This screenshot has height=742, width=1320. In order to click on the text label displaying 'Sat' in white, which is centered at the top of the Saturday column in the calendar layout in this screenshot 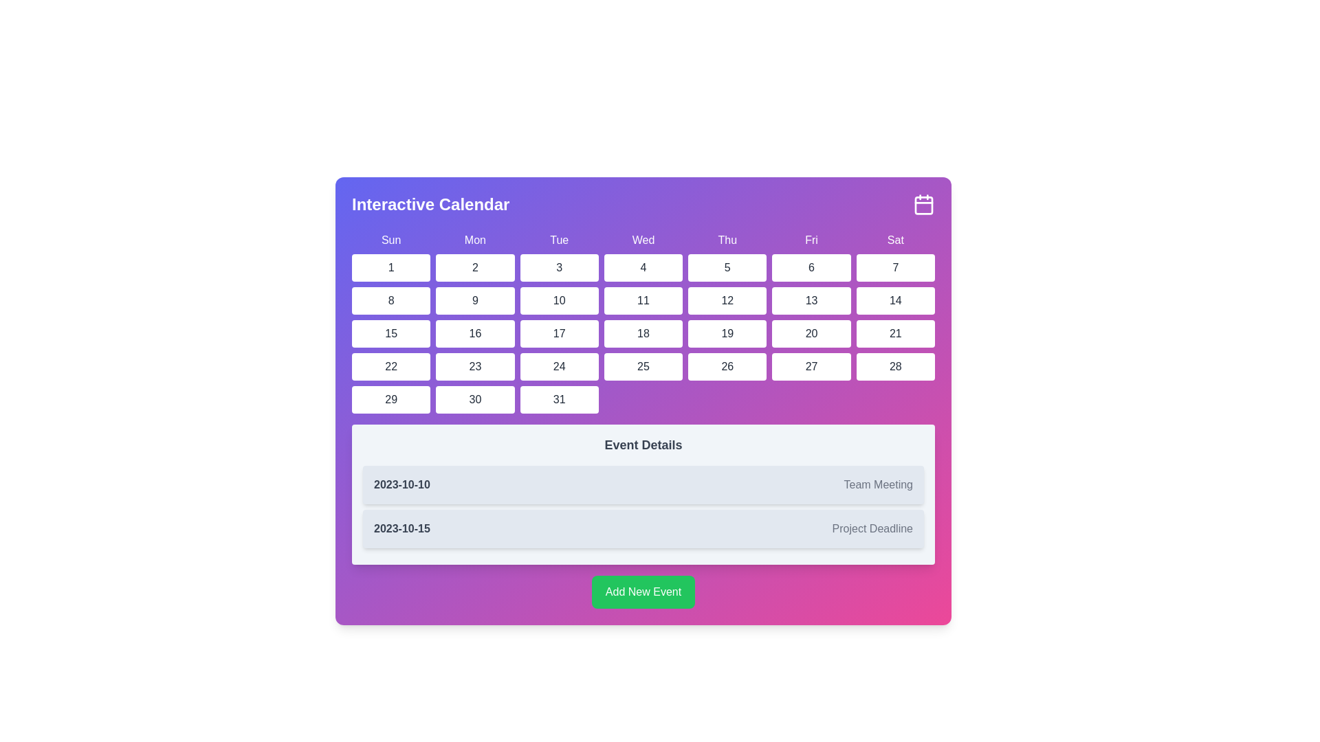, I will do `click(895, 240)`.